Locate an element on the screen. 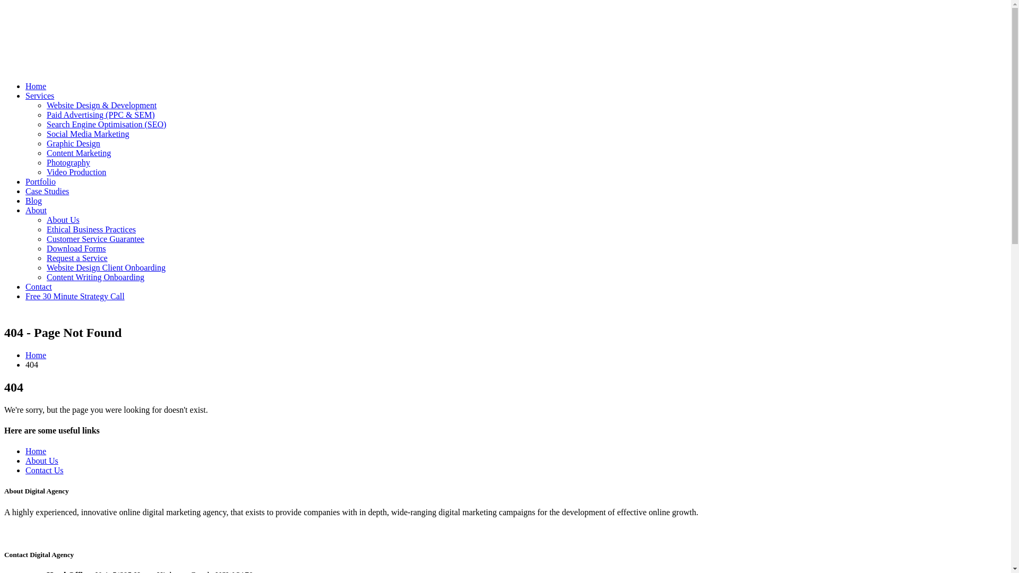  'Website Design & Development' is located at coordinates (46, 105).